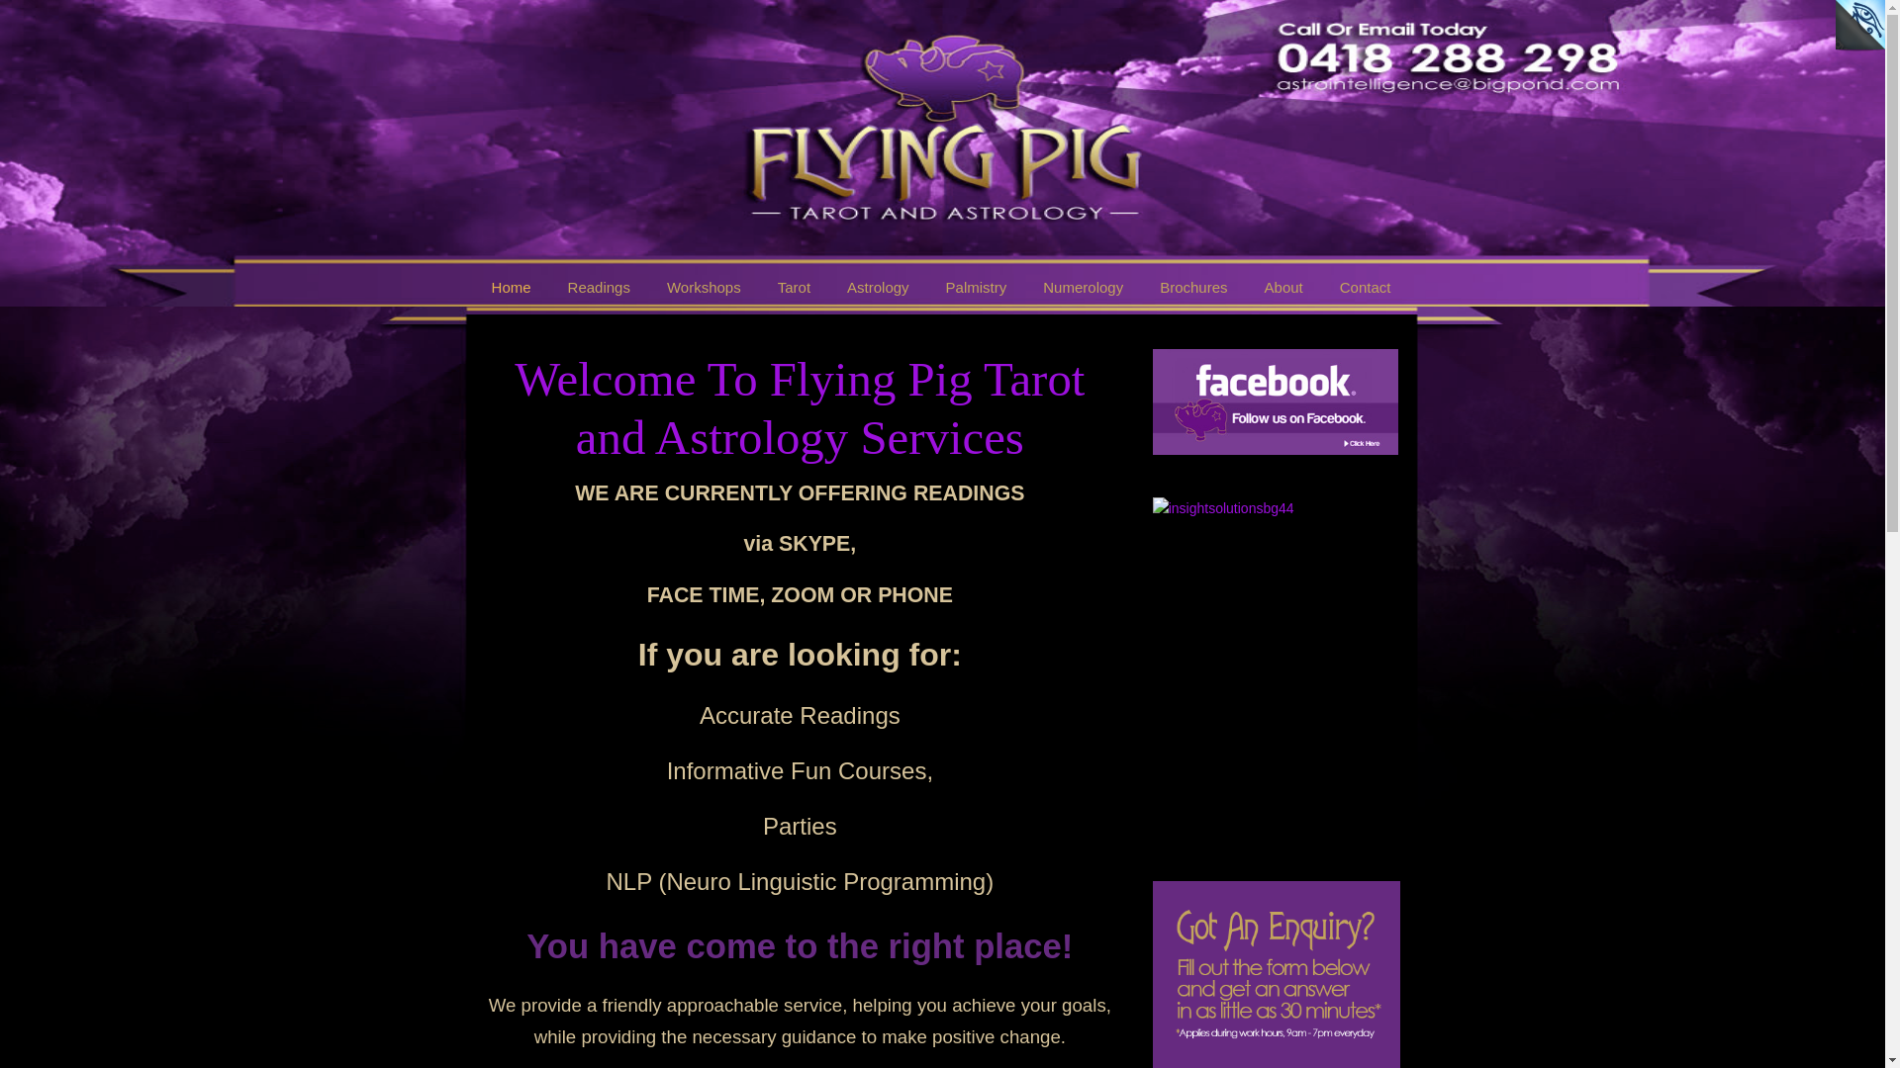 This screenshot has height=1068, width=1900. I want to click on 'Astrology', so click(877, 287).